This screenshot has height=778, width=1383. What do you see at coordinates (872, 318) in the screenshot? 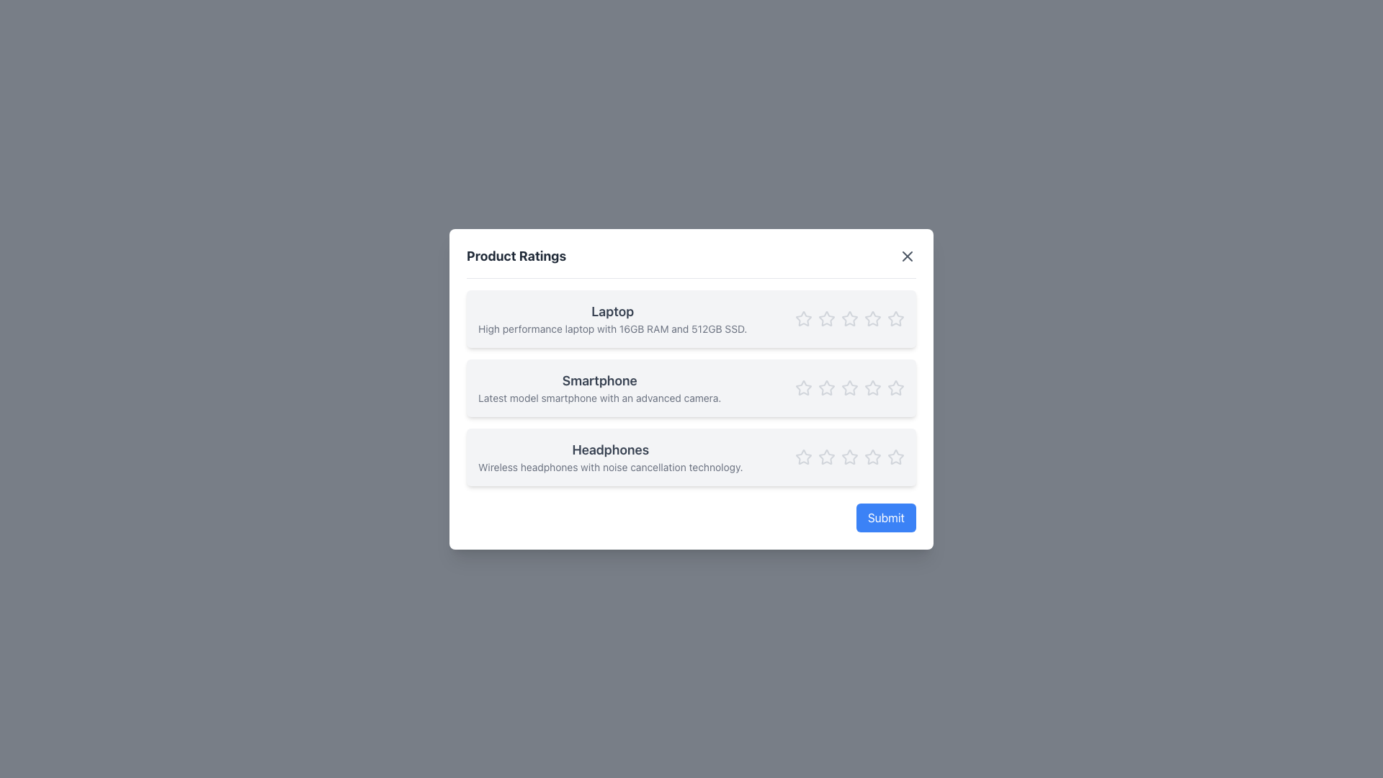
I see `the fifth star in the rating row for the 'Laptop' product category` at bounding box center [872, 318].